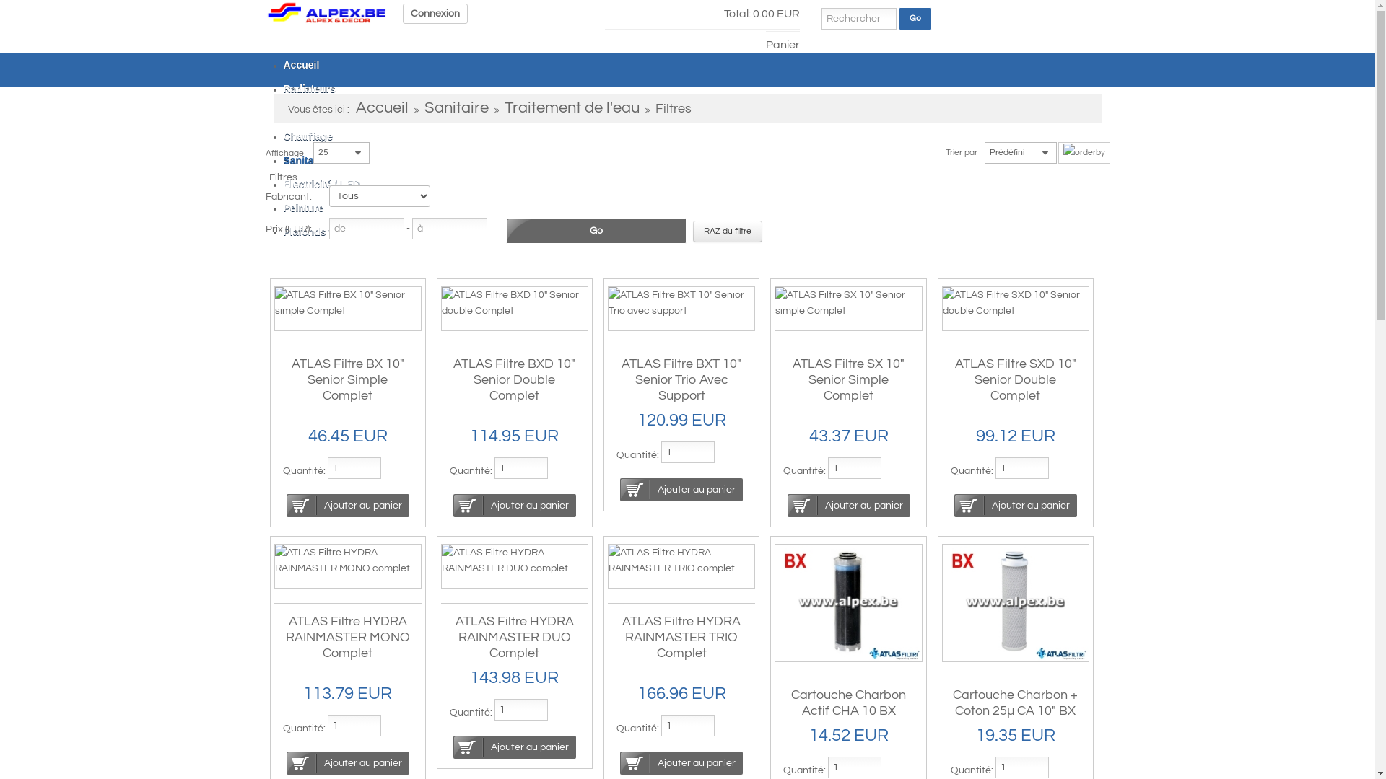  Describe the element at coordinates (681, 559) in the screenshot. I see `'ATLAS Filtre HYDRA RAINMASTER TRIO complet'` at that location.